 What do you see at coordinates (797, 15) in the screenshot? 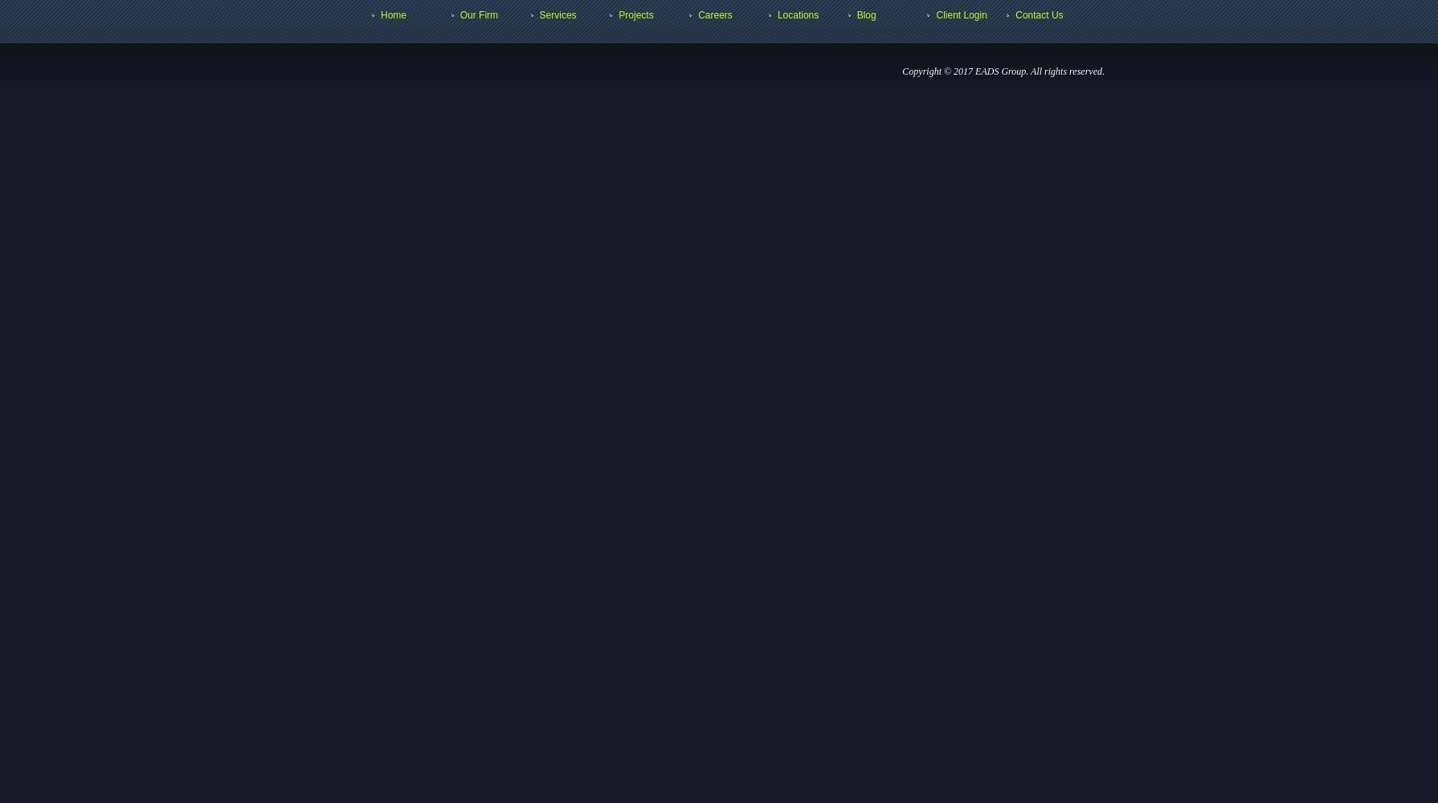
I see `'Locations'` at bounding box center [797, 15].